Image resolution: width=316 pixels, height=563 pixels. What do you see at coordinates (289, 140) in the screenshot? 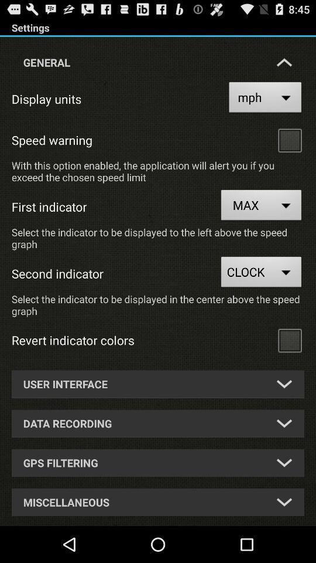
I see `tick box` at bounding box center [289, 140].